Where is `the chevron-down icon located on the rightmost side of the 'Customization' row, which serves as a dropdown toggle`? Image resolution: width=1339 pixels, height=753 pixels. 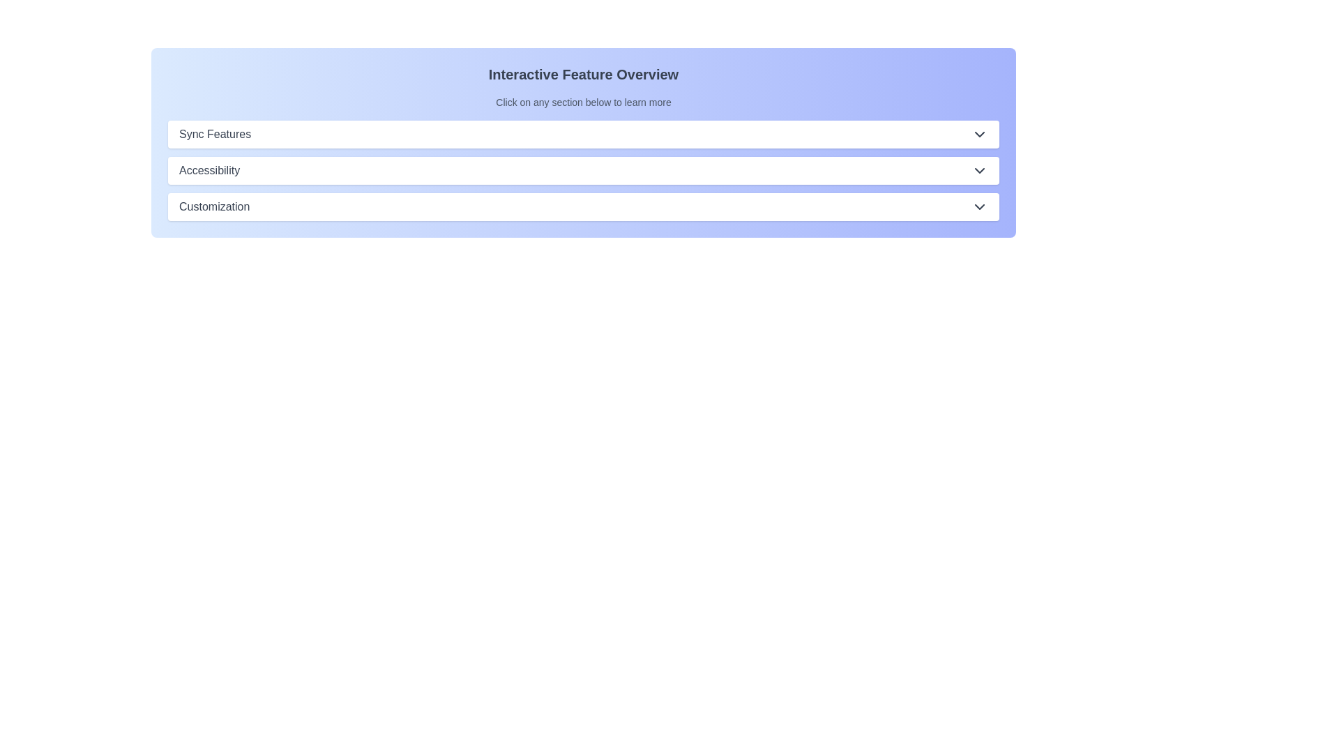
the chevron-down icon located on the rightmost side of the 'Customization' row, which serves as a dropdown toggle is located at coordinates (979, 207).